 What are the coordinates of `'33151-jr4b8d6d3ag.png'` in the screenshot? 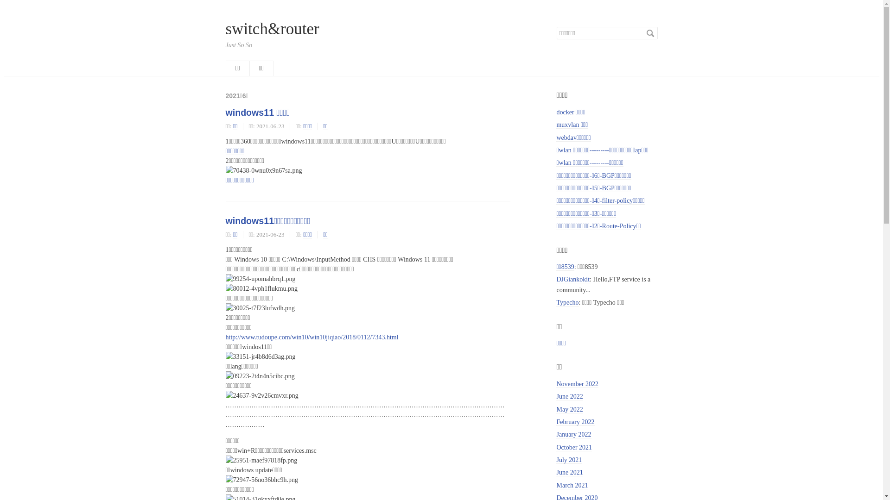 It's located at (260, 356).